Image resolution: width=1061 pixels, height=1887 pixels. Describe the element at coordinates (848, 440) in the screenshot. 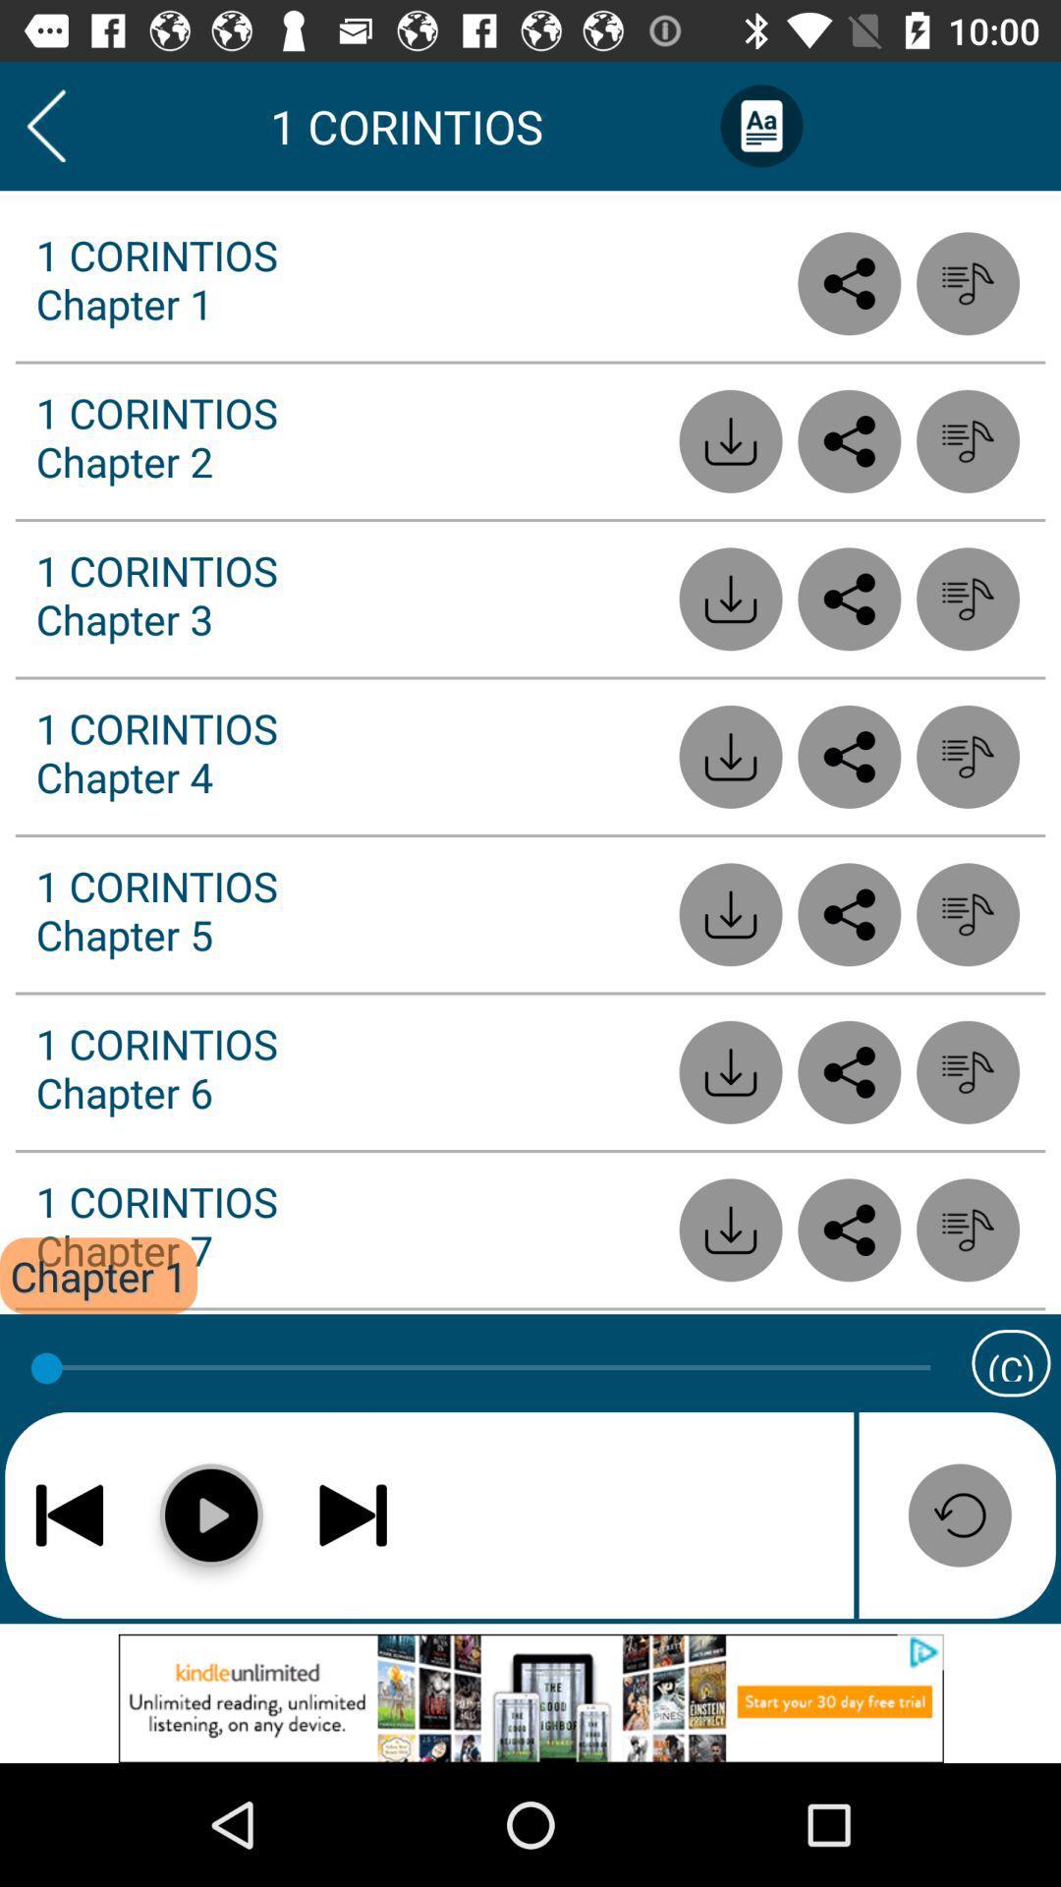

I see `read` at that location.